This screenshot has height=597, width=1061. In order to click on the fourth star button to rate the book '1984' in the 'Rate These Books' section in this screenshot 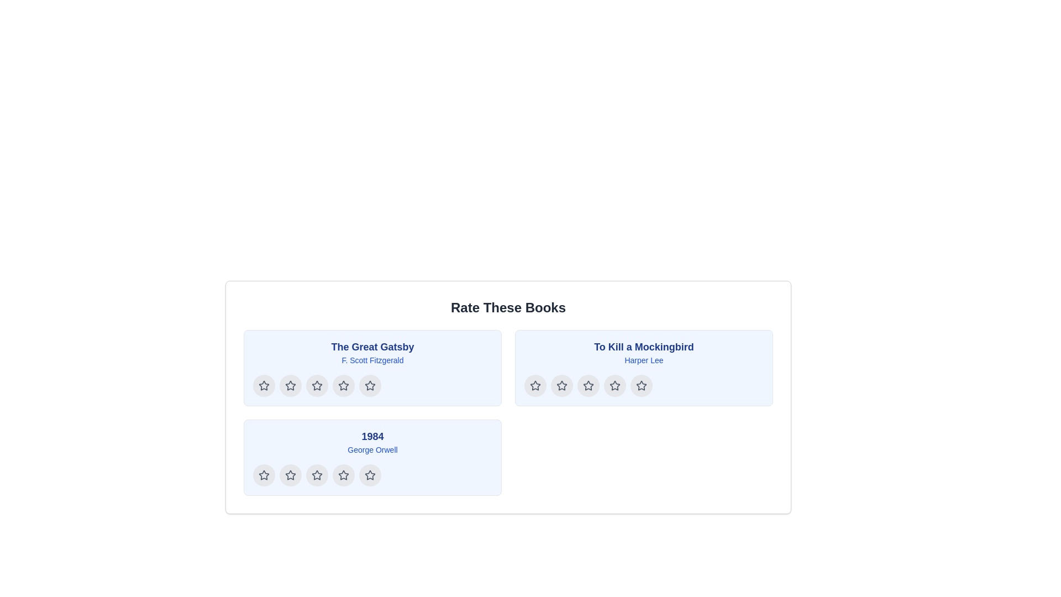, I will do `click(370, 475)`.